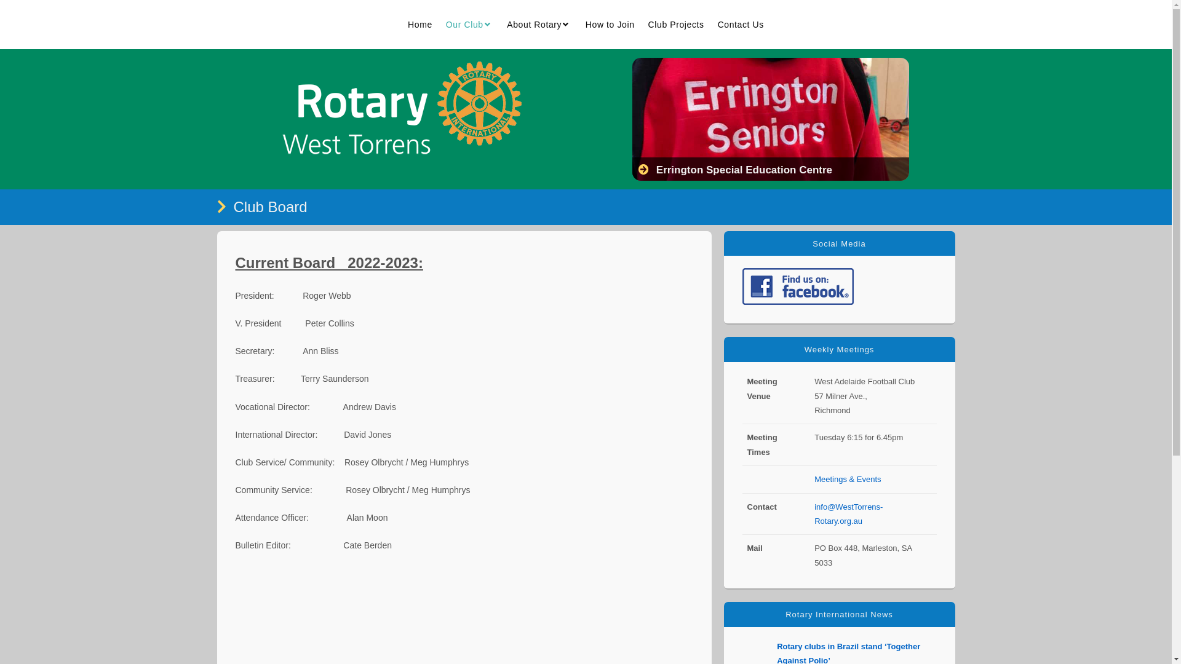 Image resolution: width=1181 pixels, height=664 pixels. I want to click on 'Our Club', so click(469, 24).